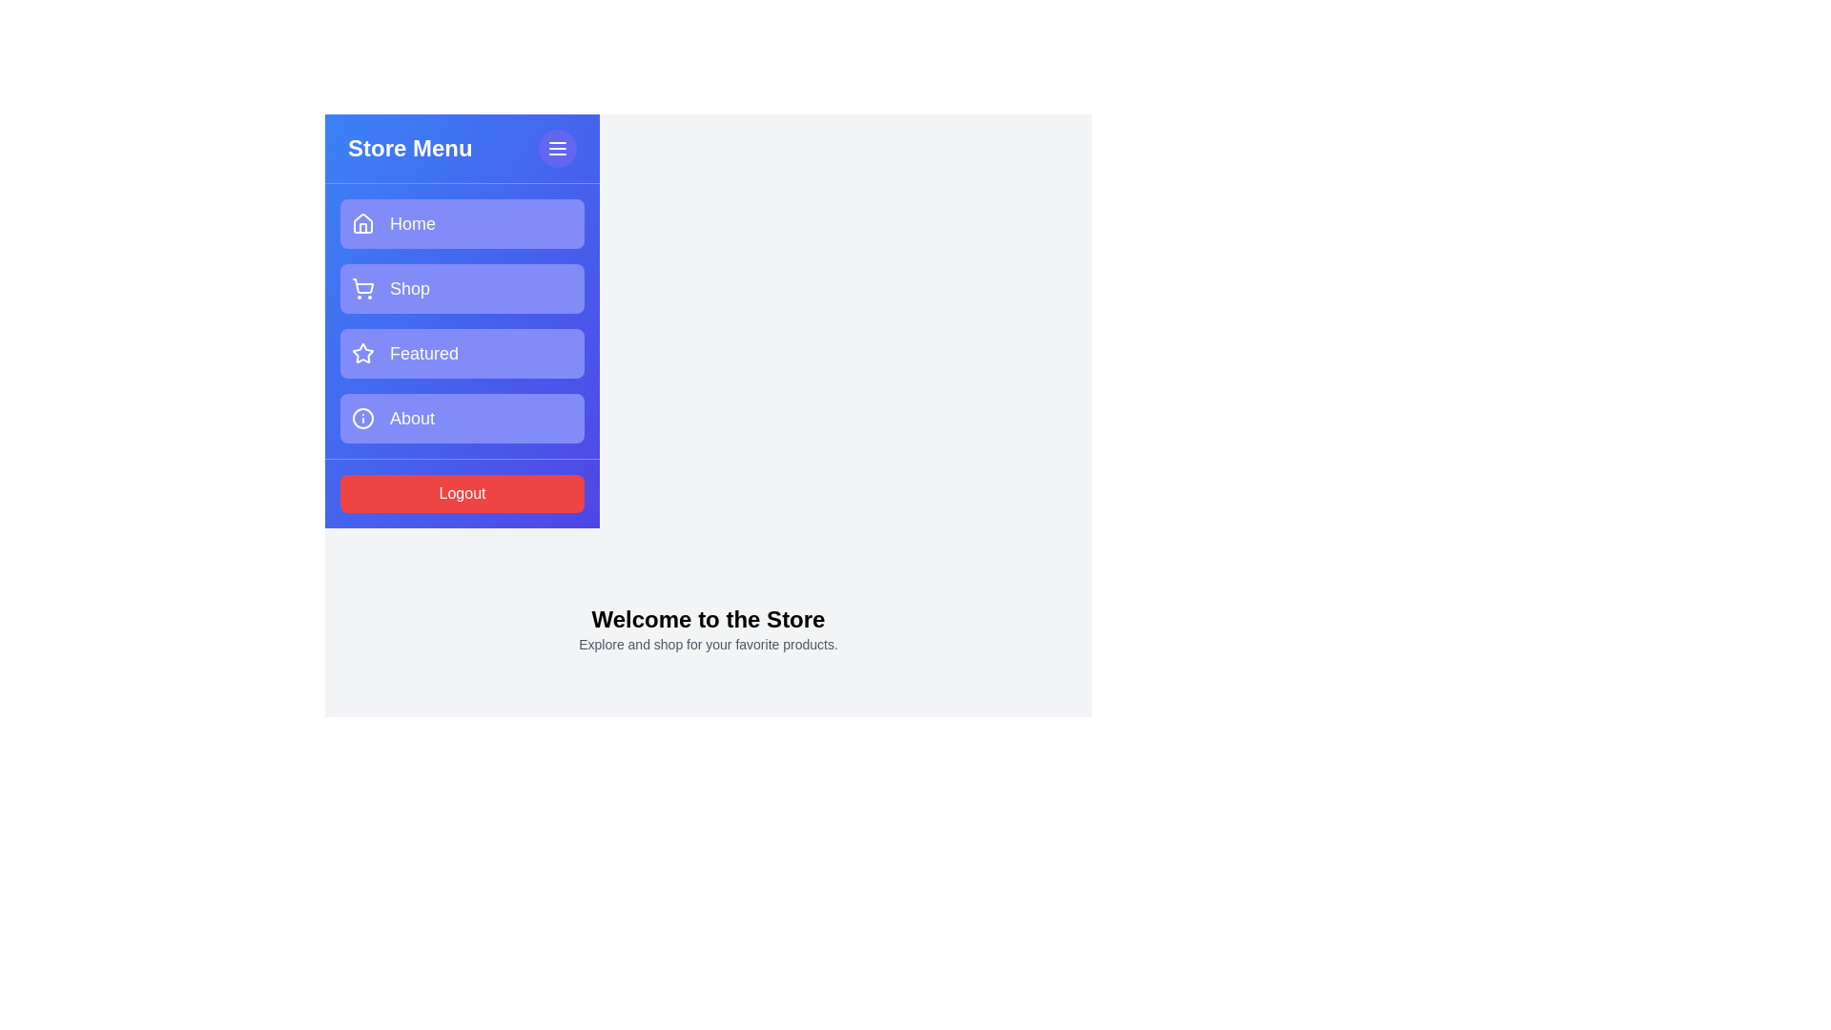 The width and height of the screenshot is (1831, 1030). Describe the element at coordinates (462, 418) in the screenshot. I see `the About button to navigate to the respective section` at that location.